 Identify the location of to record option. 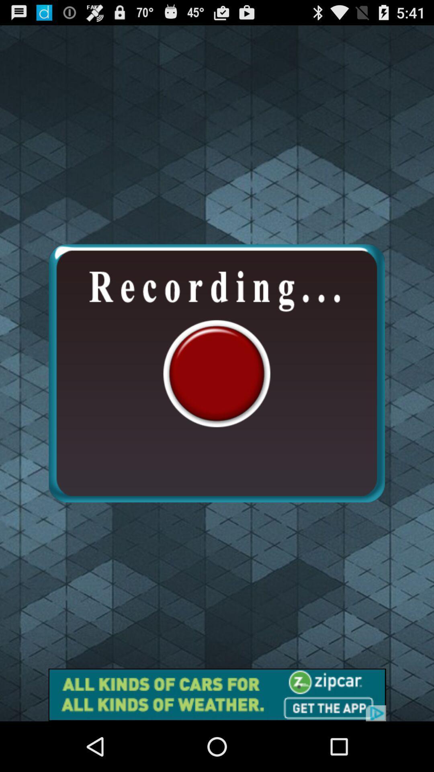
(216, 373).